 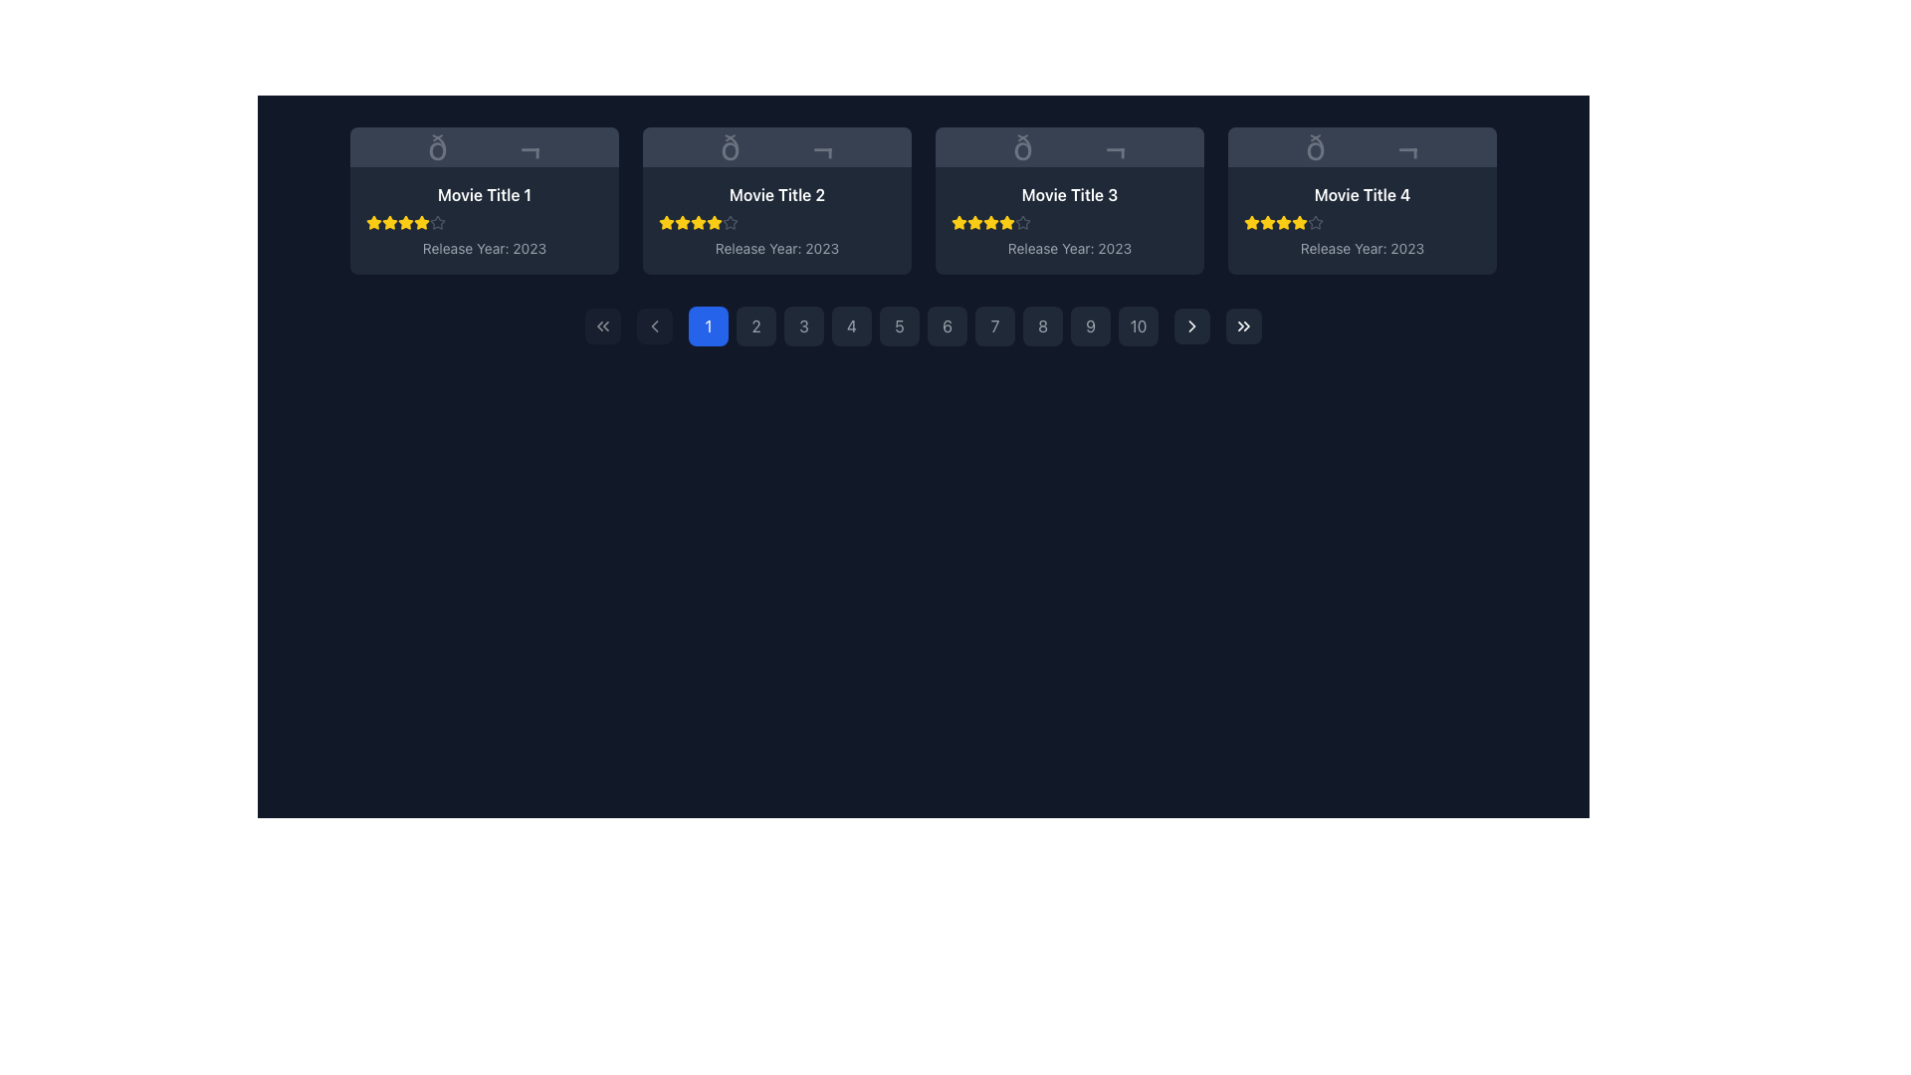 What do you see at coordinates (1361, 222) in the screenshot?
I see `the Rating indicator (stars) below the 'Movie Title 4'` at bounding box center [1361, 222].